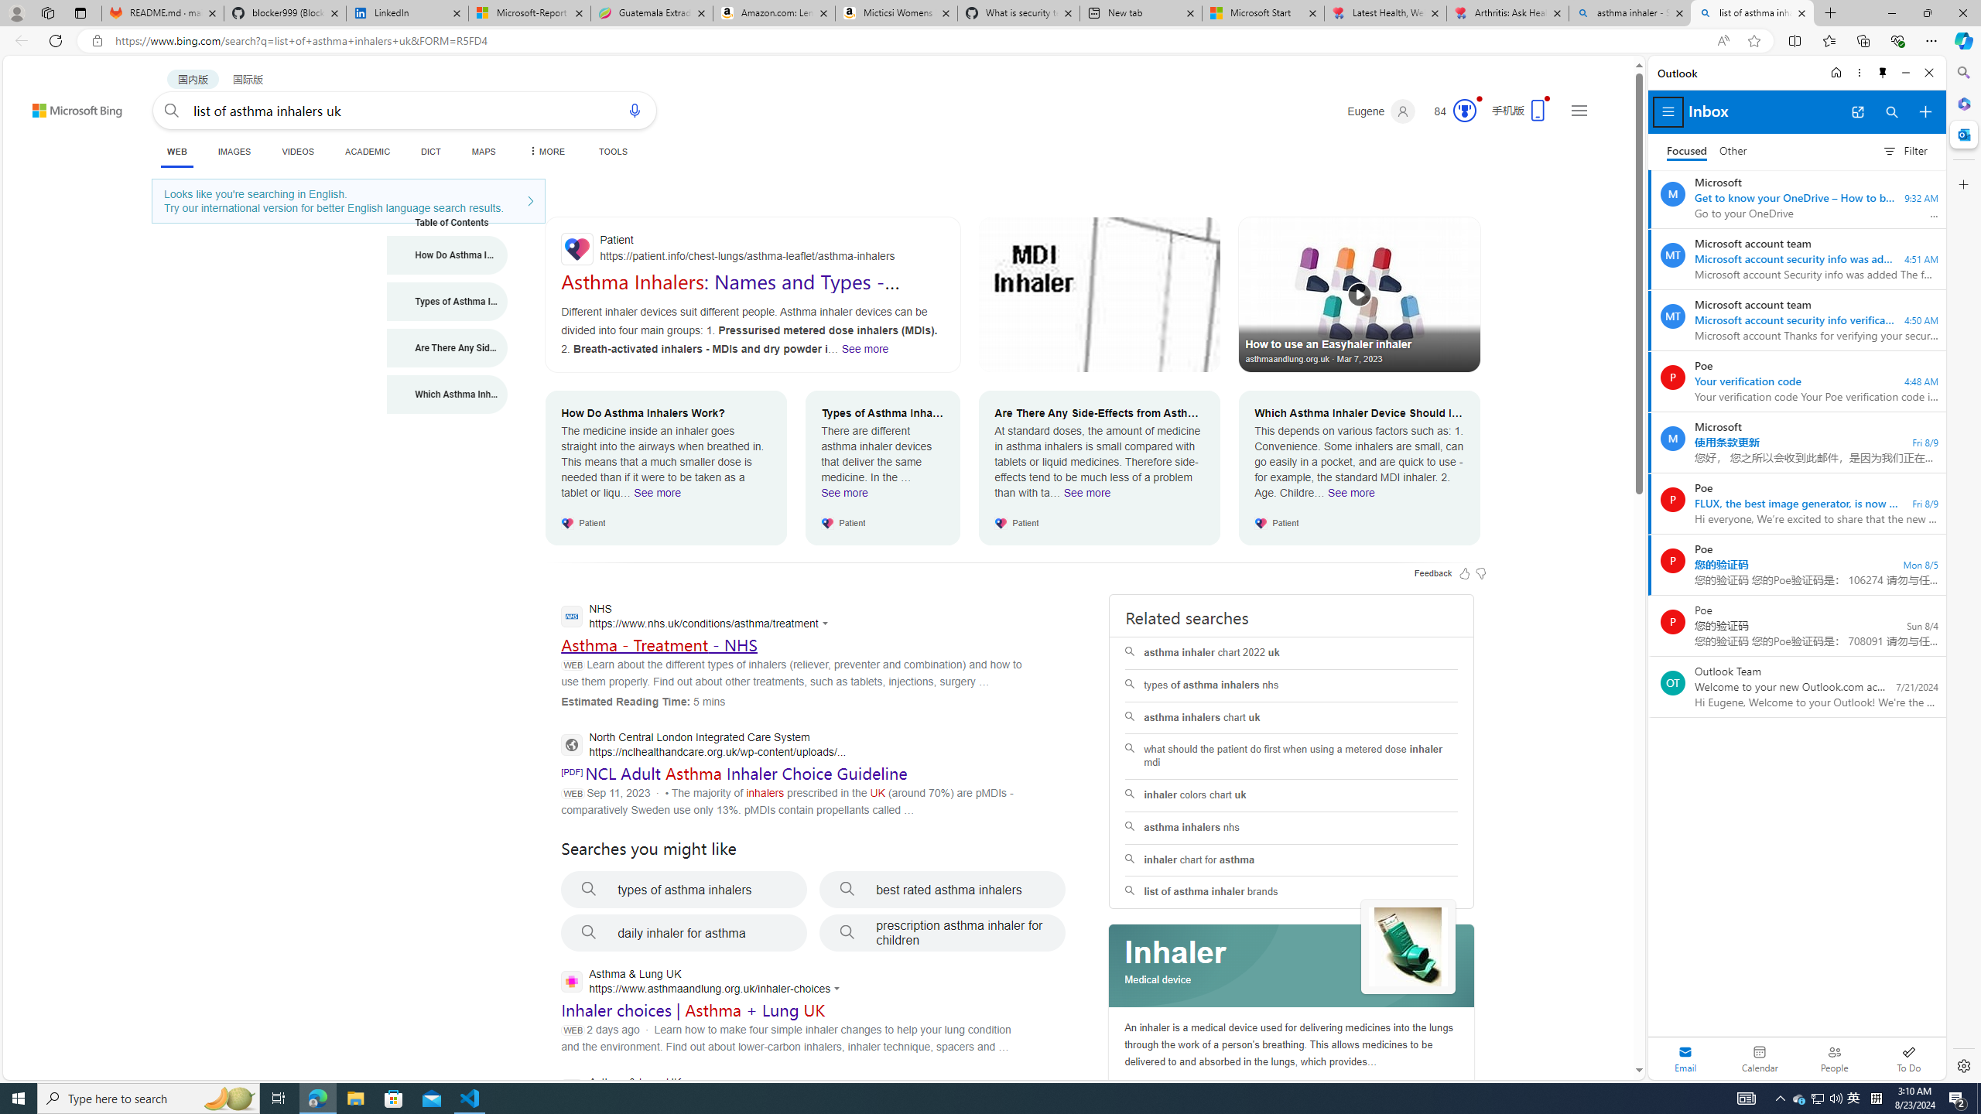 The width and height of the screenshot is (1981, 1114). What do you see at coordinates (659, 644) in the screenshot?
I see `'Asthma - Treatment - NHS'` at bounding box center [659, 644].